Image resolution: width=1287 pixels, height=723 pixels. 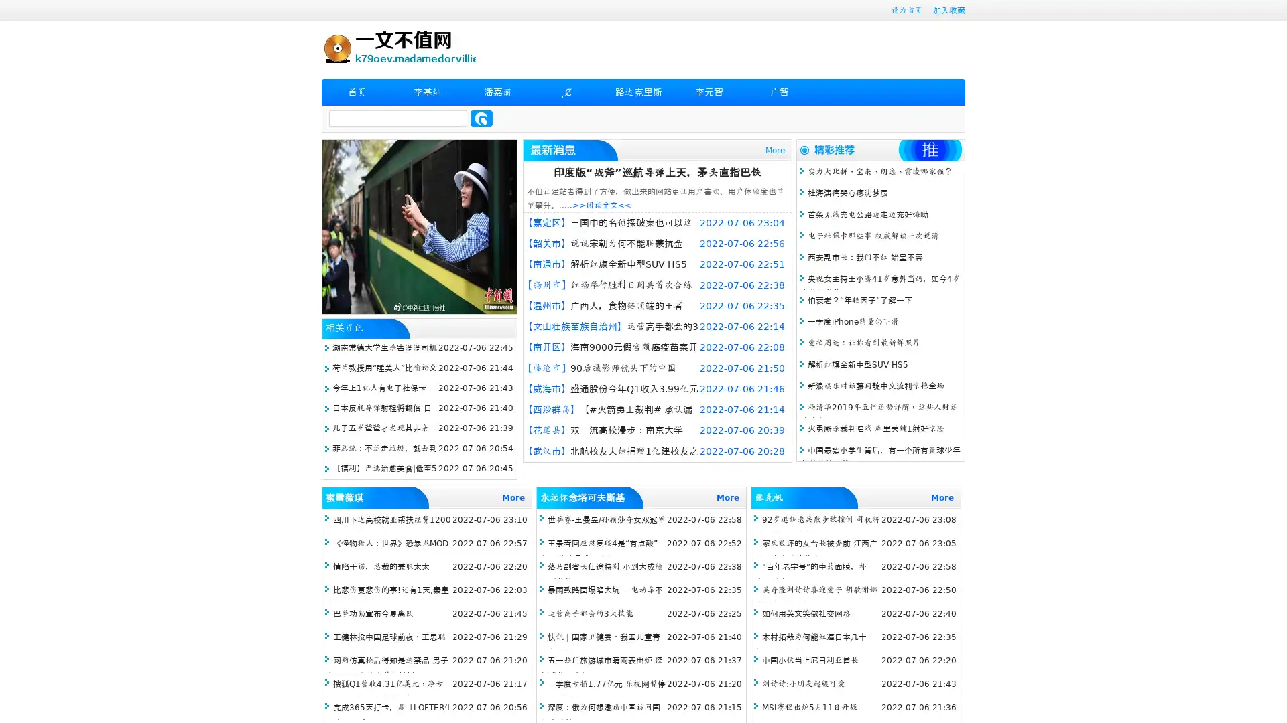 What do you see at coordinates (481, 118) in the screenshot?
I see `Search` at bounding box center [481, 118].